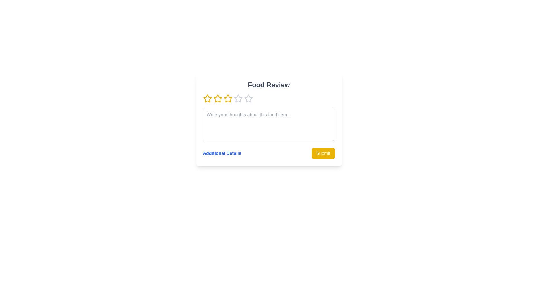  Describe the element at coordinates (228, 98) in the screenshot. I see `the star corresponding to 3 to preview the rating` at that location.